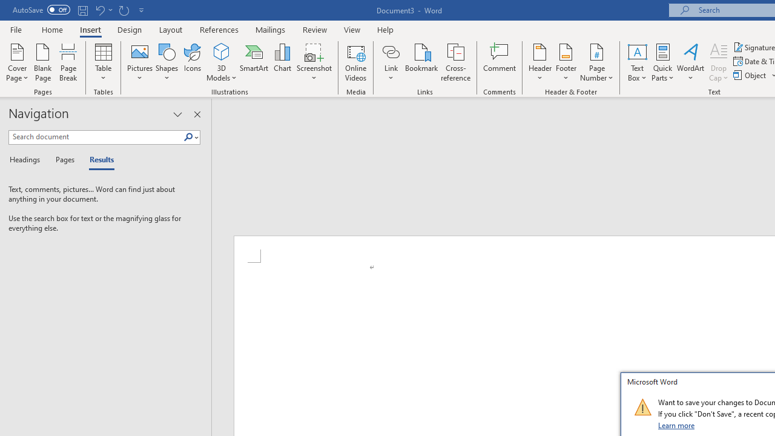 This screenshot has height=436, width=775. Describe the element at coordinates (222, 62) in the screenshot. I see `'3D Models'` at that location.